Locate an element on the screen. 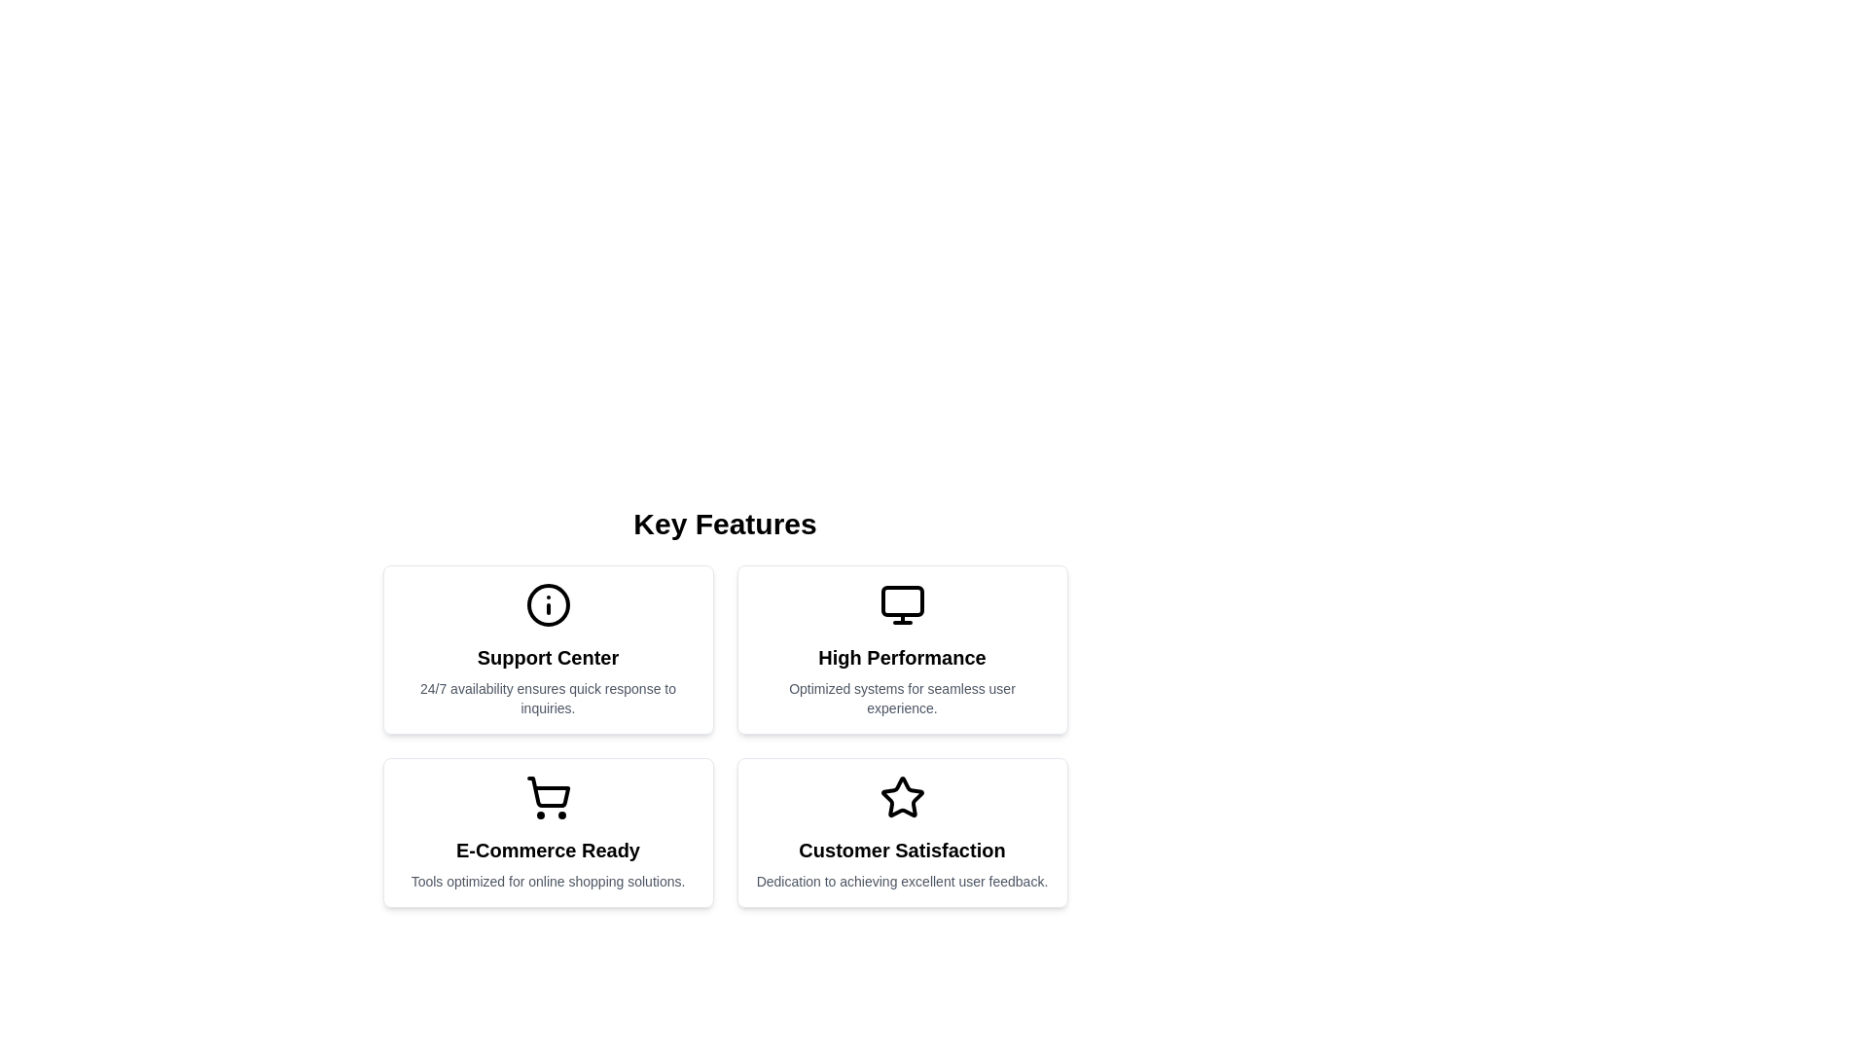 Image resolution: width=1868 pixels, height=1051 pixels. the content of the 'Customer Satisfaction' card located in the bottom-right of the 2x2 grid layout, below 'High Performance' and to the right of 'E-Commerce Ready' is located at coordinates (901, 832).